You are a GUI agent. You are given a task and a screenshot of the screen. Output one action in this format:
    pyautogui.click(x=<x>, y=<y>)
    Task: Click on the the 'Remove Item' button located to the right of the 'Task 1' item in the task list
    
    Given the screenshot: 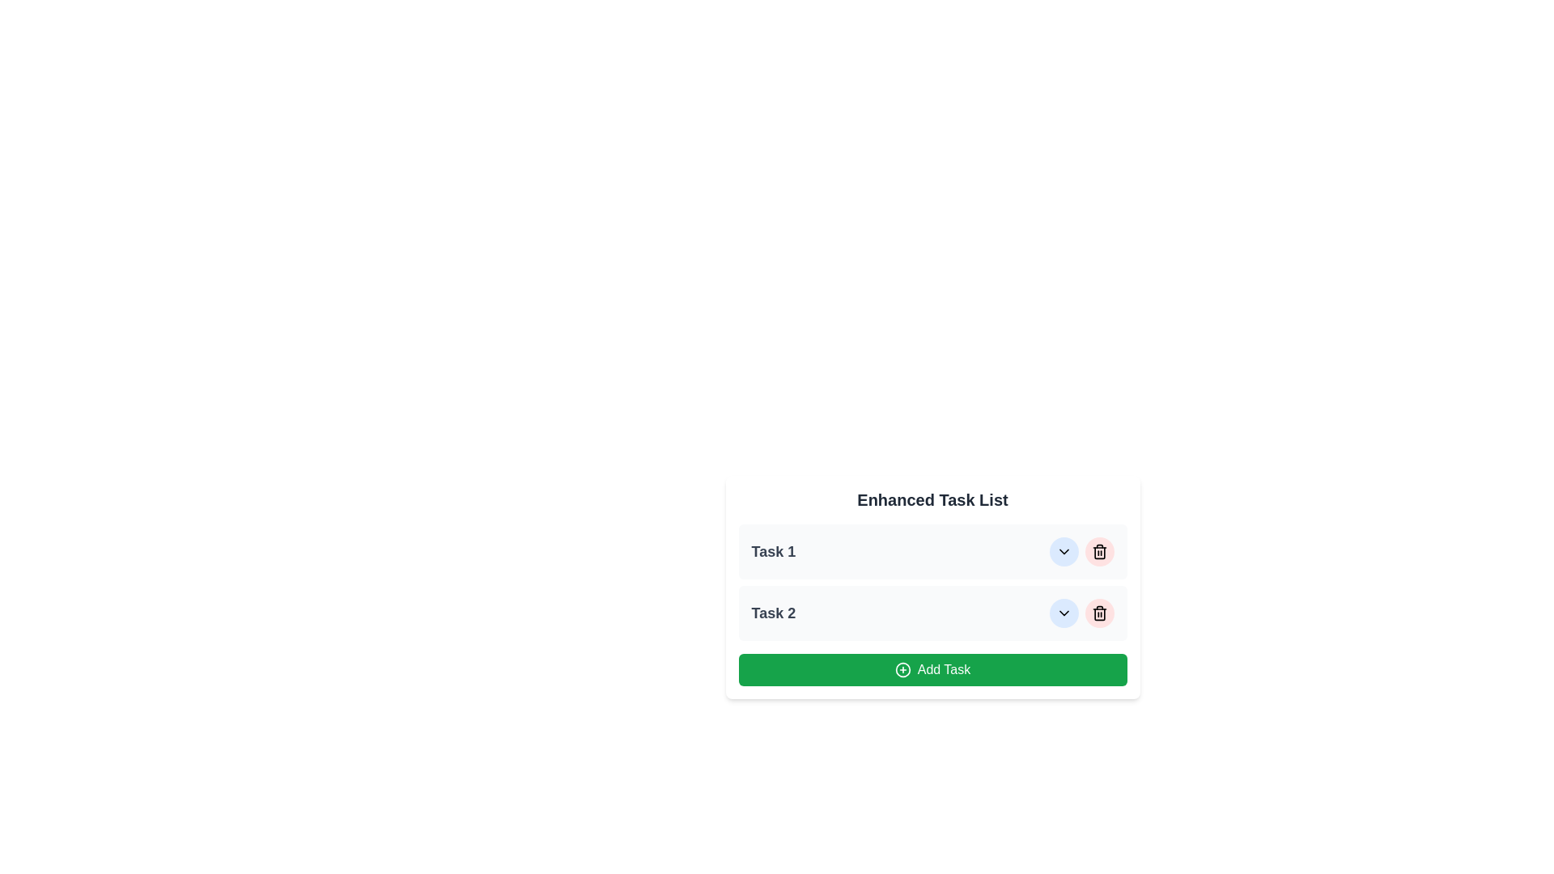 What is the action you would take?
    pyautogui.click(x=1099, y=551)
    